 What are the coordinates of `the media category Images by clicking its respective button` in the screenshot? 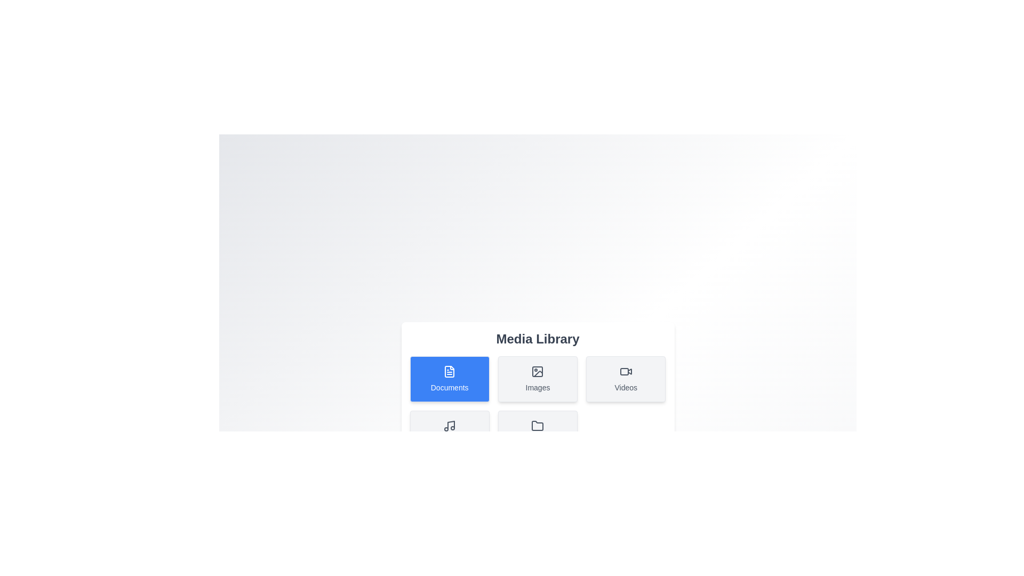 It's located at (538, 378).